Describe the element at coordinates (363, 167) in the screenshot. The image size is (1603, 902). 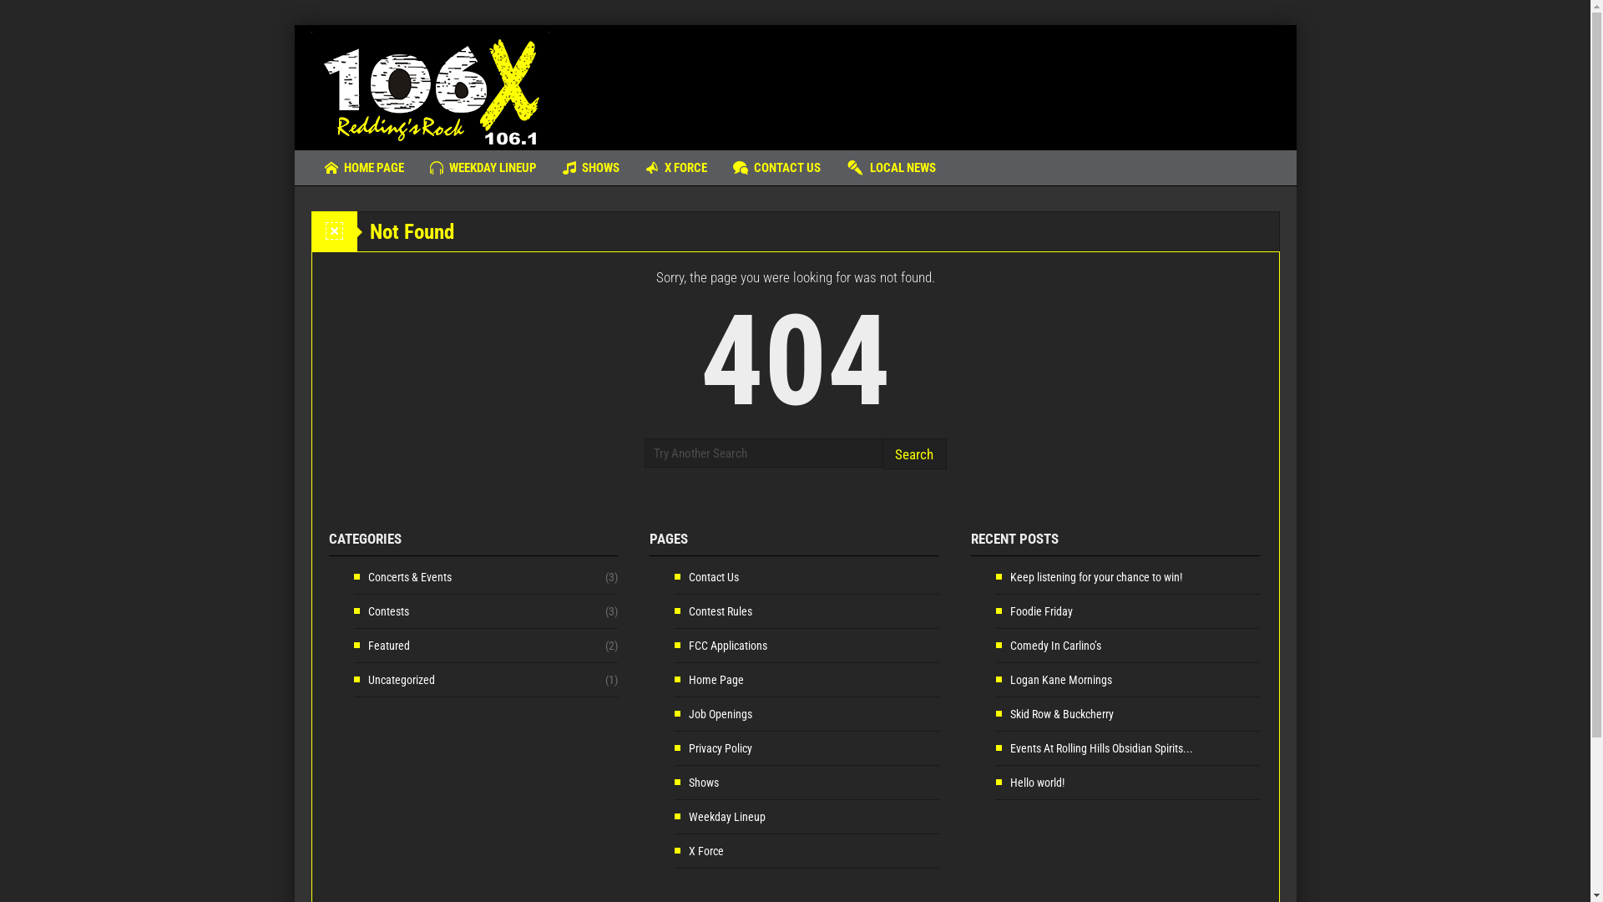
I see `'HOME PAGE'` at that location.